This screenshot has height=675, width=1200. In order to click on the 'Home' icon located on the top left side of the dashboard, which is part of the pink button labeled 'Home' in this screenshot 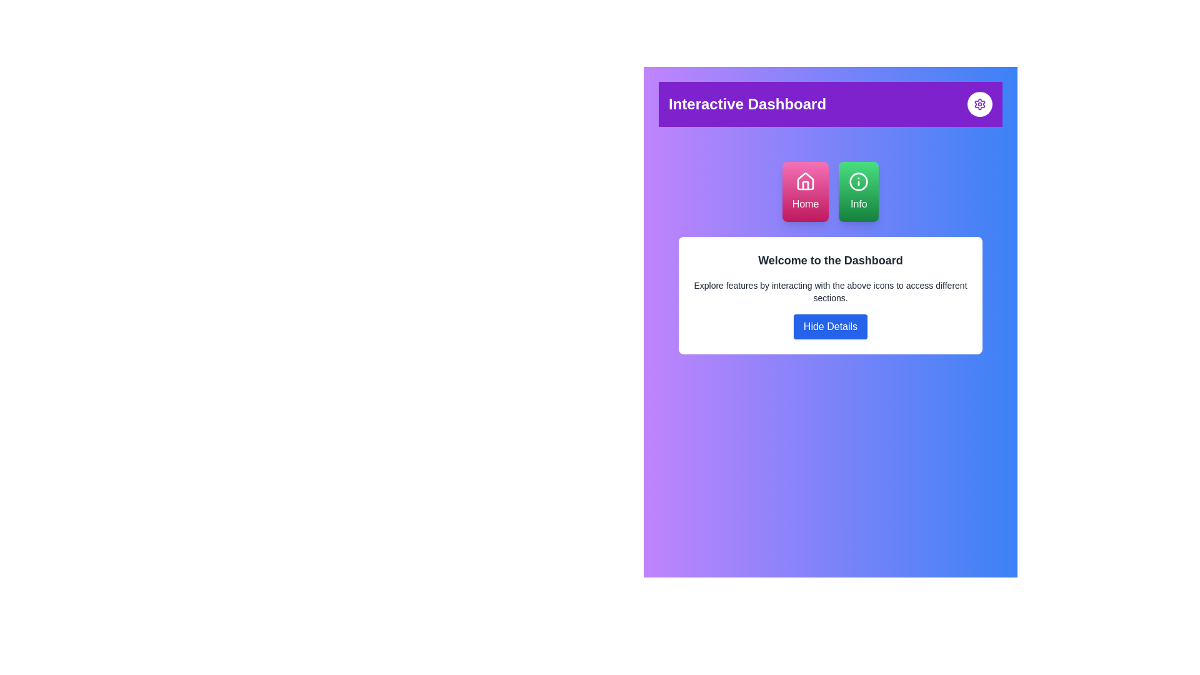, I will do `click(806, 181)`.